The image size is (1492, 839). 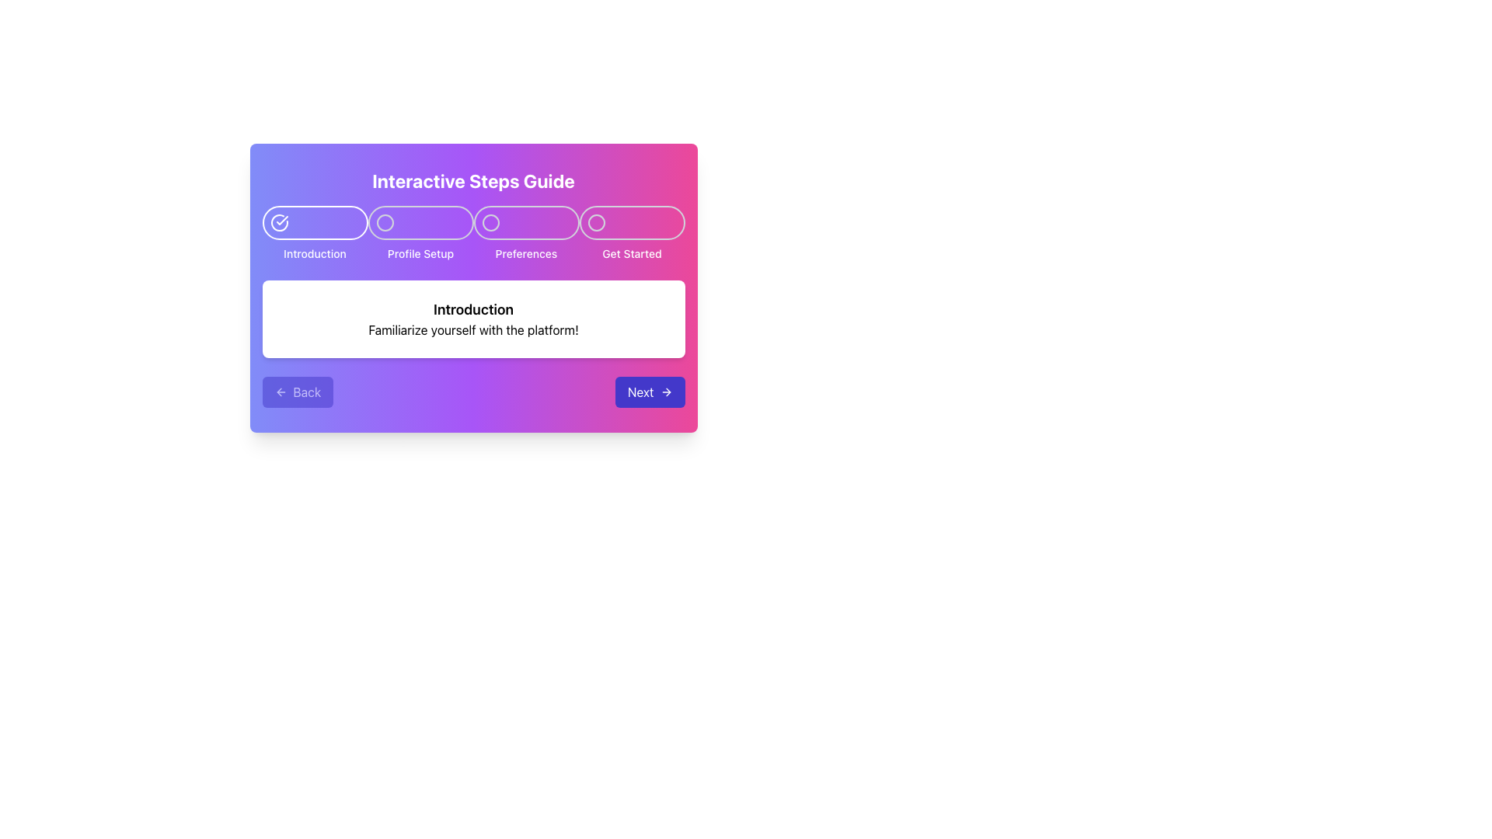 What do you see at coordinates (281, 392) in the screenshot?
I see `the arrow icon that indicates the 'Back' button for navigating to a previous page, located at the bottom left of the popover interface` at bounding box center [281, 392].